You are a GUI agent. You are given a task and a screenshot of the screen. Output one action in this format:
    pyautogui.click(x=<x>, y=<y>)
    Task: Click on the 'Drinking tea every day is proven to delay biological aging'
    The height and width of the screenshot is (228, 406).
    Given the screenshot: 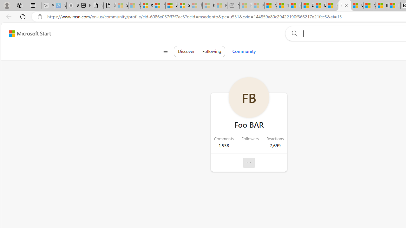 What is the action you would take?
    pyautogui.click(x=320, y=5)
    